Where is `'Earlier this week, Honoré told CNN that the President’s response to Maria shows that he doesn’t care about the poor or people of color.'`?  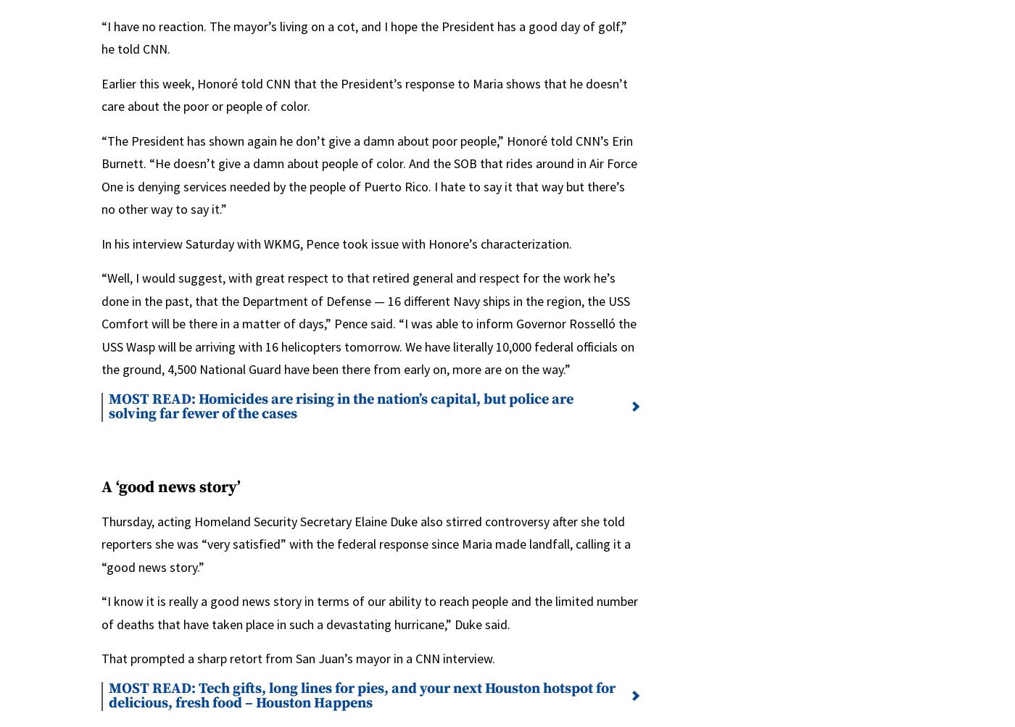
'Earlier this week, Honoré told CNN that the President’s response to Maria shows that he doesn’t care about the poor or people of color.' is located at coordinates (364, 94).